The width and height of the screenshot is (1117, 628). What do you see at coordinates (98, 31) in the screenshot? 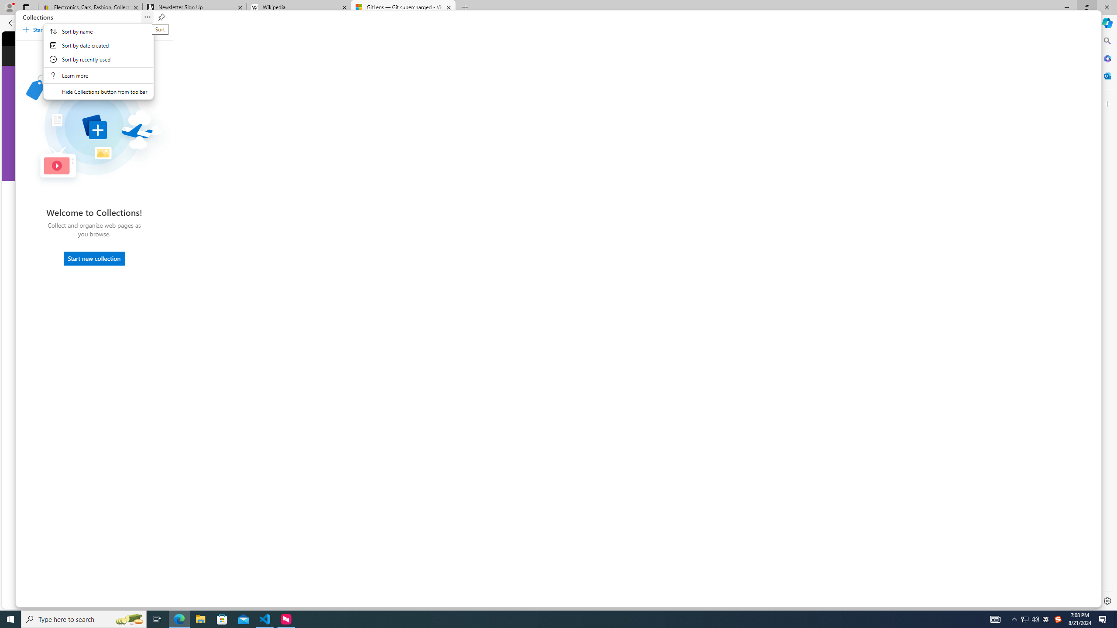
I see `'Sort by name'` at bounding box center [98, 31].